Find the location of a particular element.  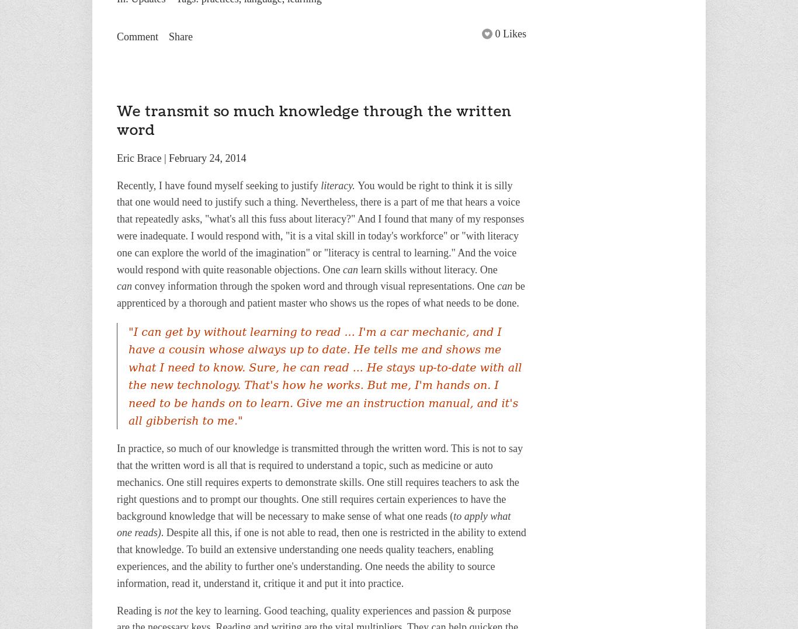

'February 24, 2014' is located at coordinates (207, 157).